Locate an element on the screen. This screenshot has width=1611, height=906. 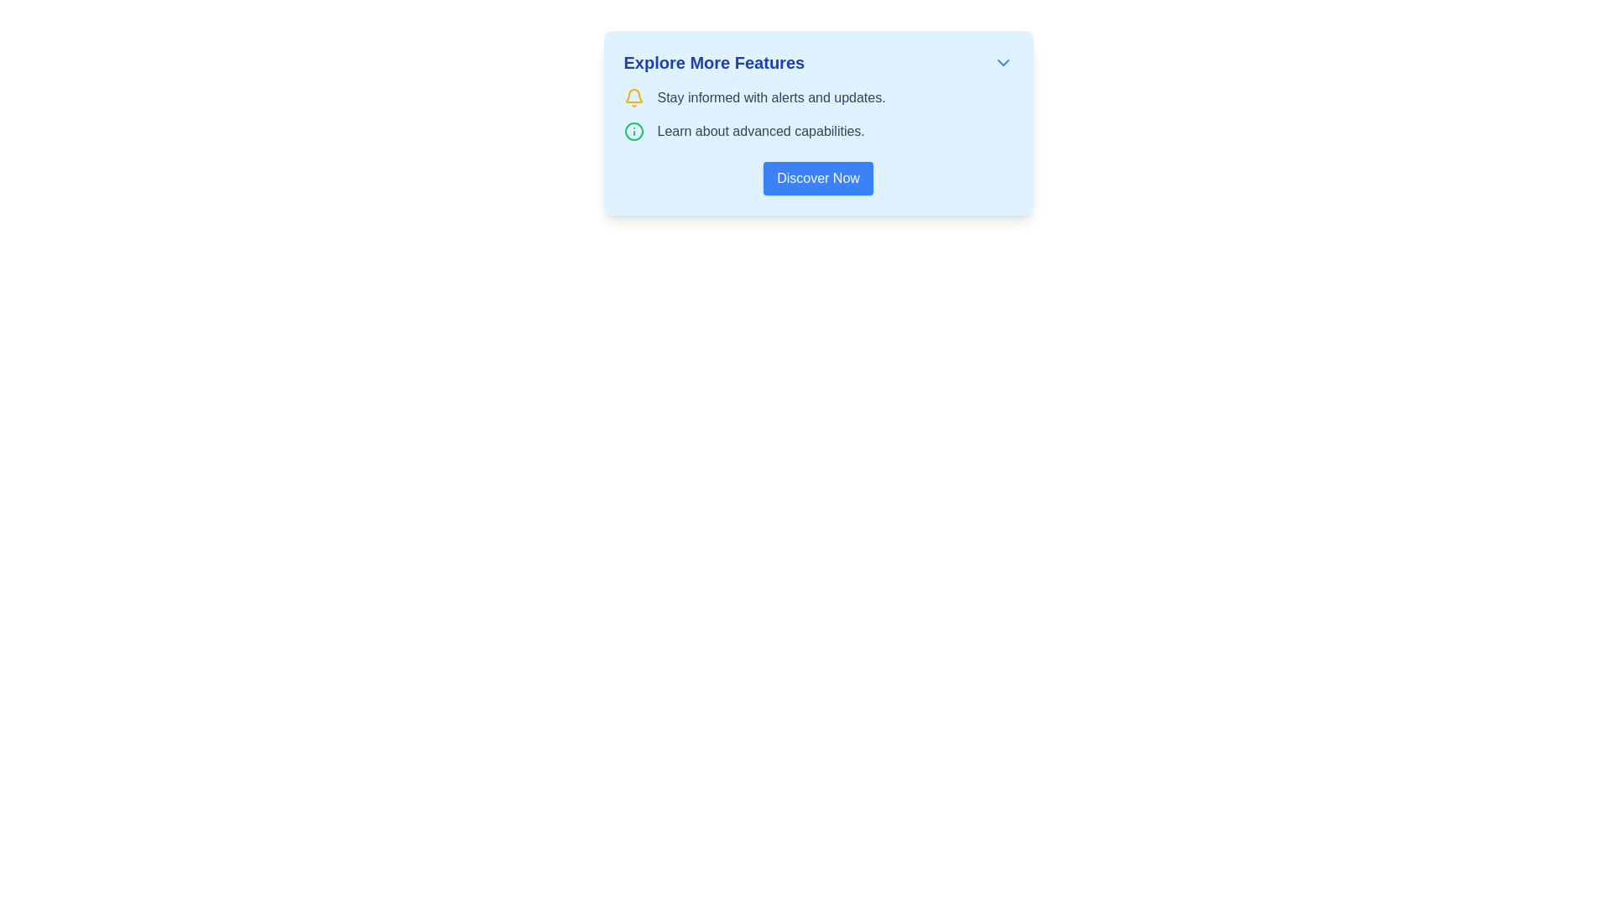
the text element displaying 'Stay informed with alerts and updates.' which is styled in light gray text inside a light blue card interface is located at coordinates (770, 97).